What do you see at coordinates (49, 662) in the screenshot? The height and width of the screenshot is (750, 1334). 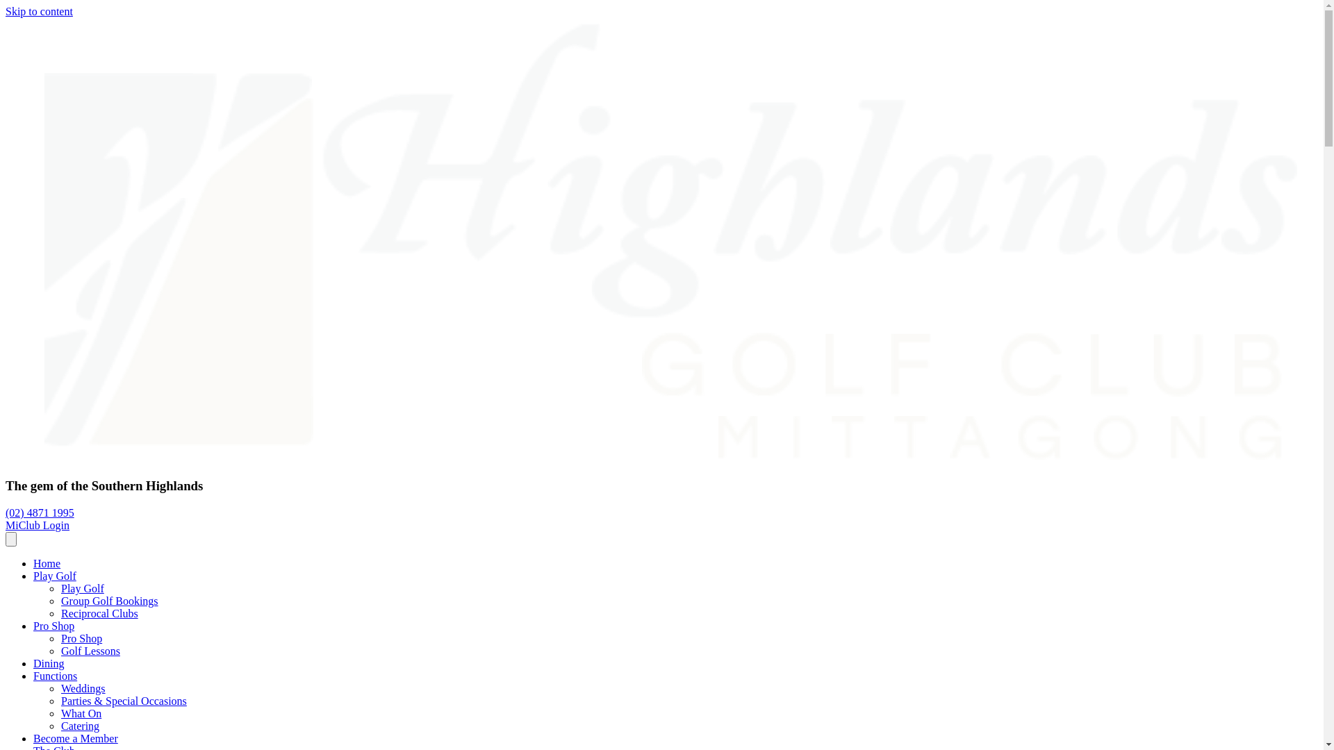 I see `'Dining'` at bounding box center [49, 662].